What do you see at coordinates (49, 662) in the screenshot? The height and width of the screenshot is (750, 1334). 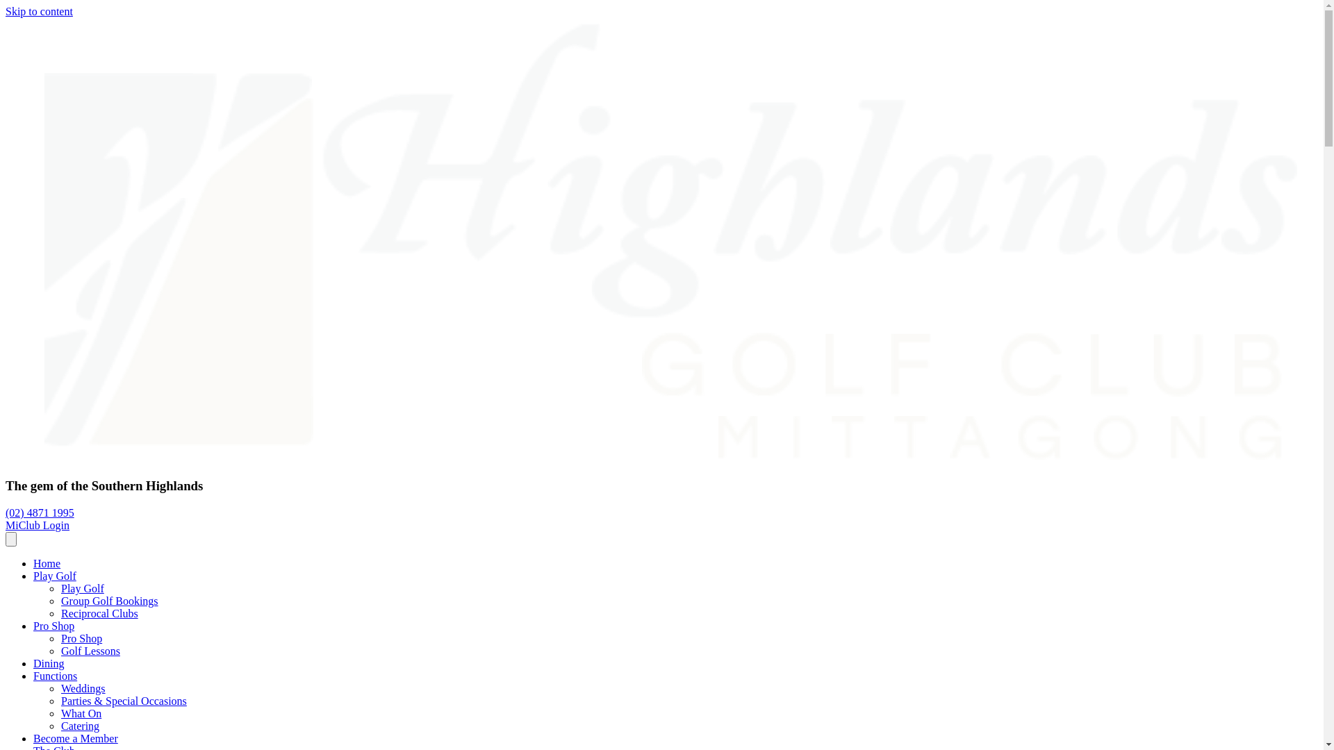 I see `'Dining'` at bounding box center [49, 662].